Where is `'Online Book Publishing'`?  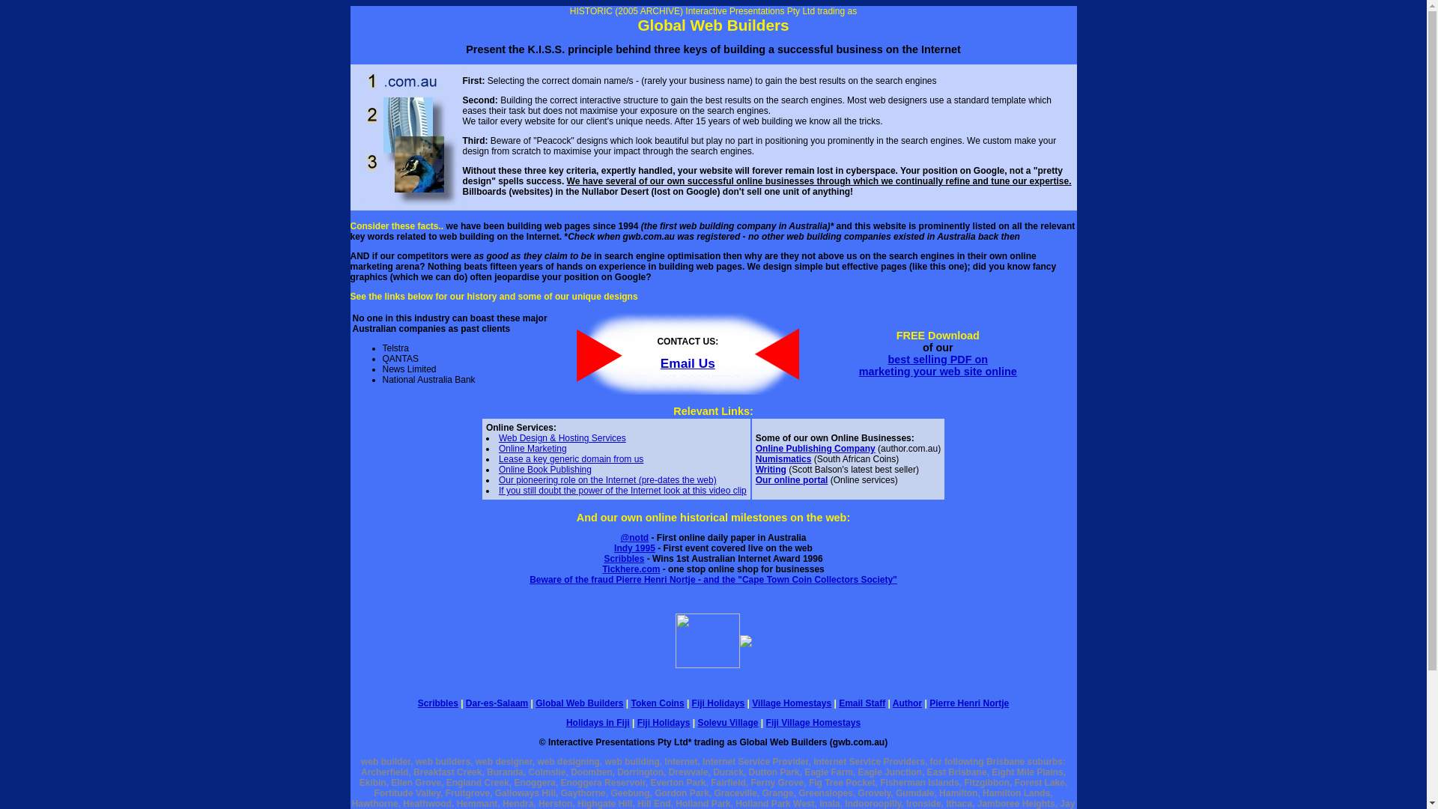
'Online Book Publishing' is located at coordinates (544, 469).